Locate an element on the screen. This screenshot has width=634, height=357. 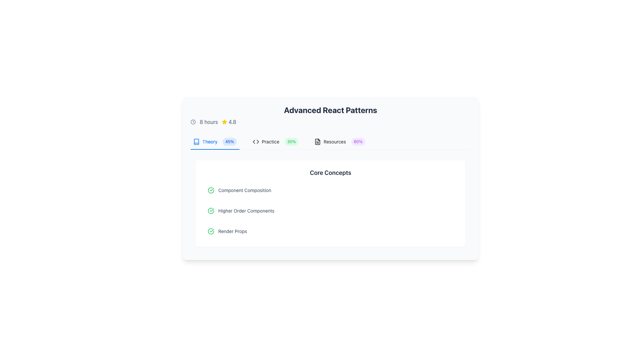
the blue indicator bar located beneath the 'Theory' tab in the navigation tab strip is located at coordinates (215, 149).